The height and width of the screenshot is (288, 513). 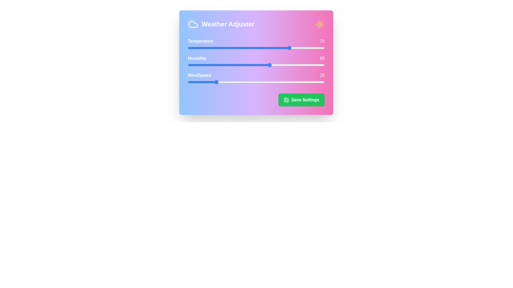 I want to click on the wind speed, so click(x=200, y=82).